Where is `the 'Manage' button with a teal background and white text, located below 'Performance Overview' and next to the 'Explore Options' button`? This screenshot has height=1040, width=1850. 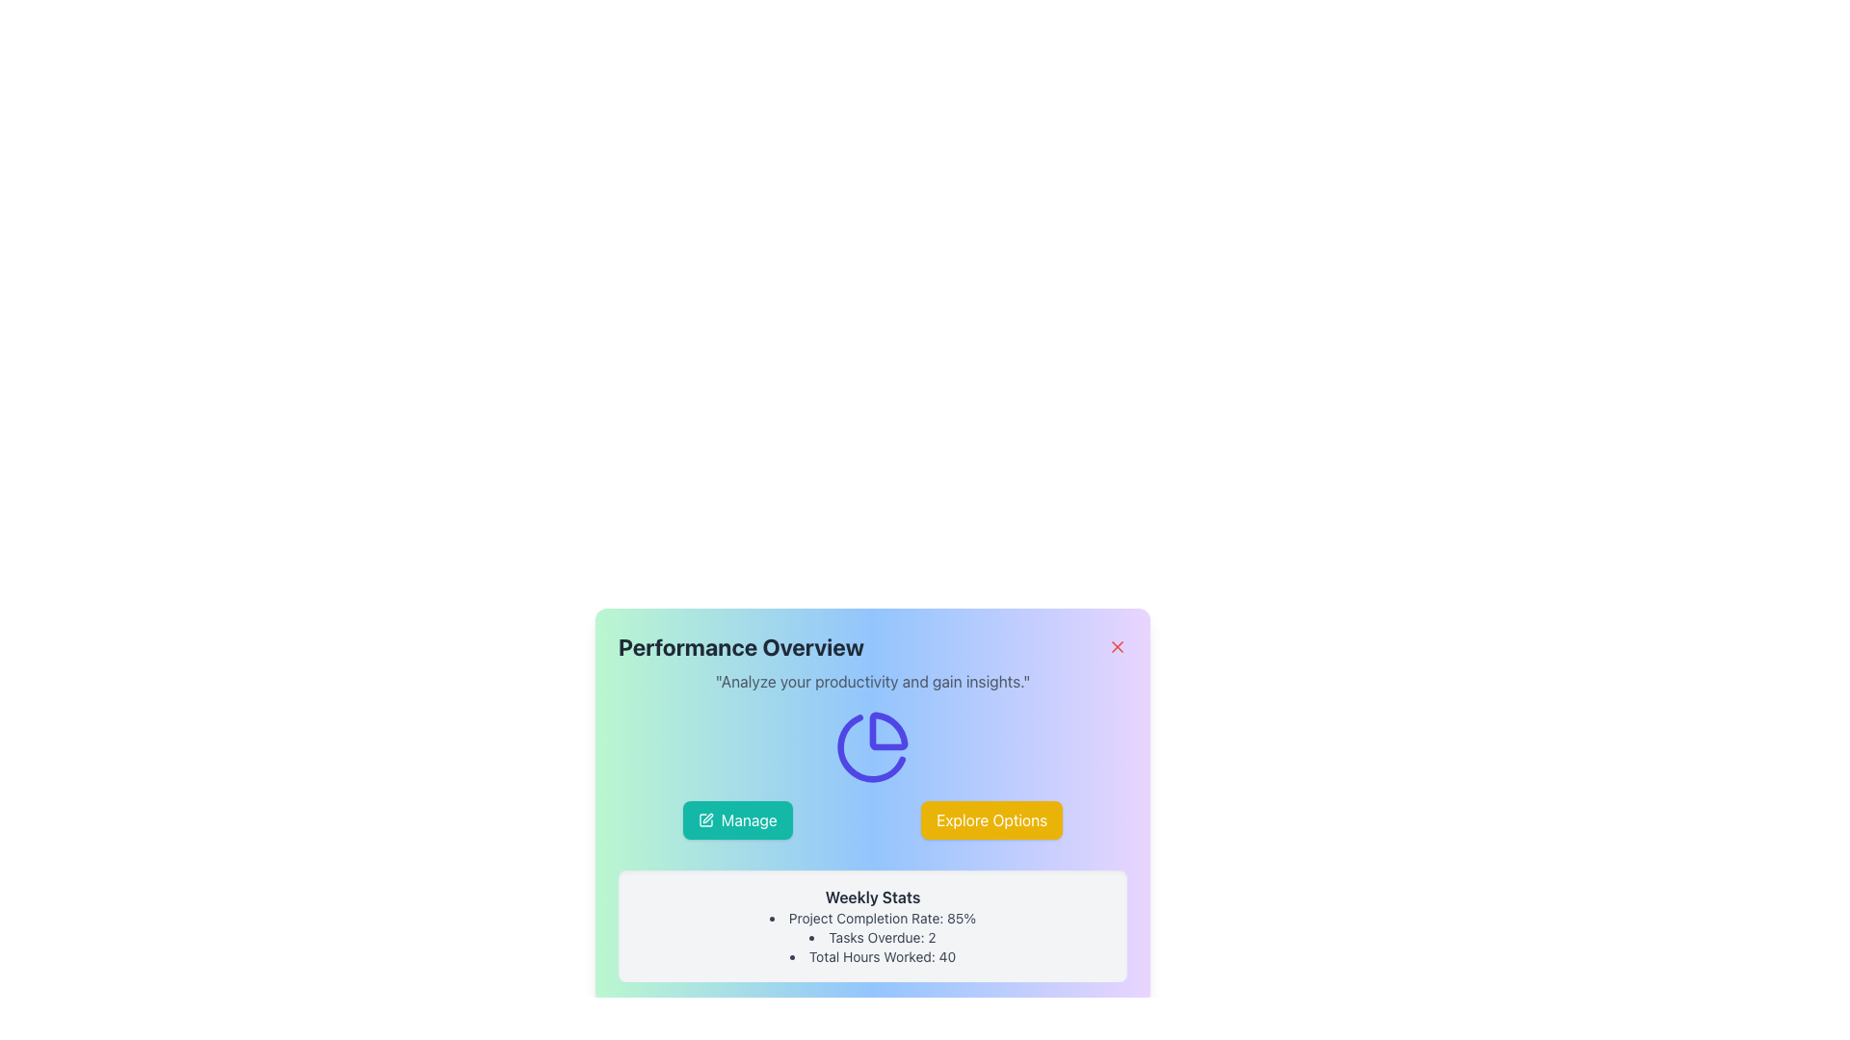 the 'Manage' button with a teal background and white text, located below 'Performance Overview' and next to the 'Explore Options' button is located at coordinates (736, 820).